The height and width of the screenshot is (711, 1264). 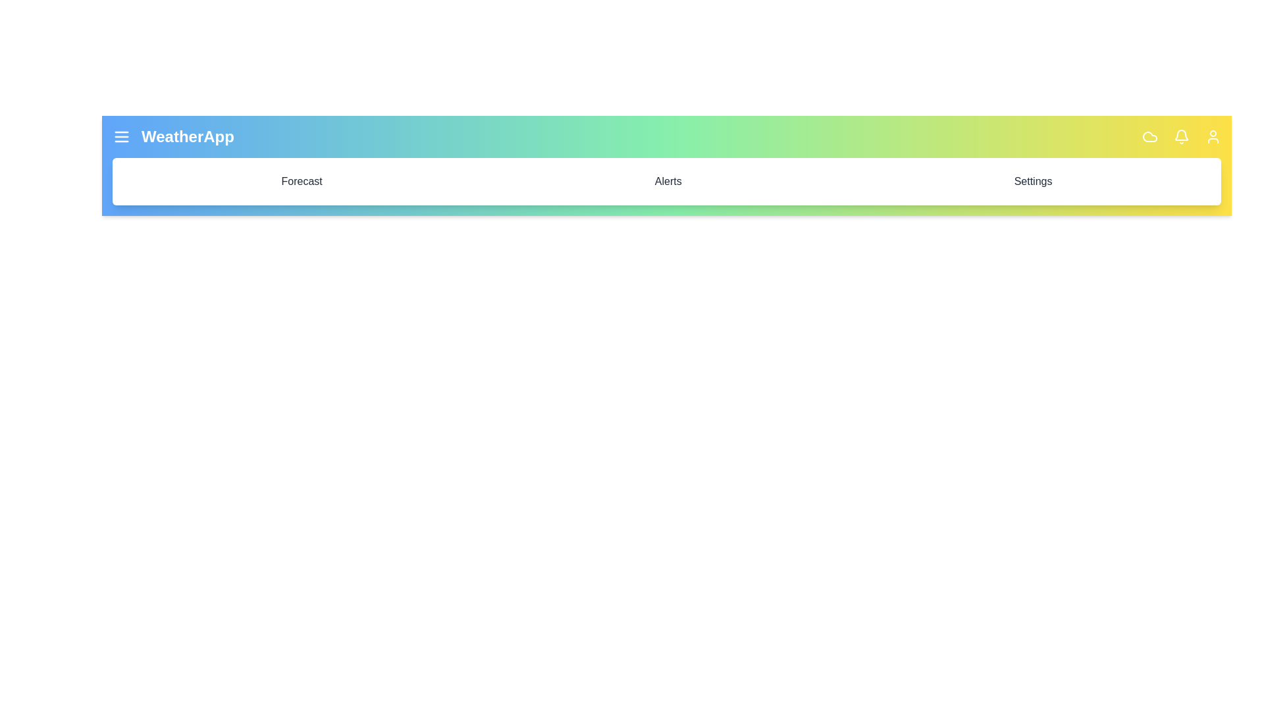 I want to click on the User icon in the navigation bar, so click(x=1213, y=137).